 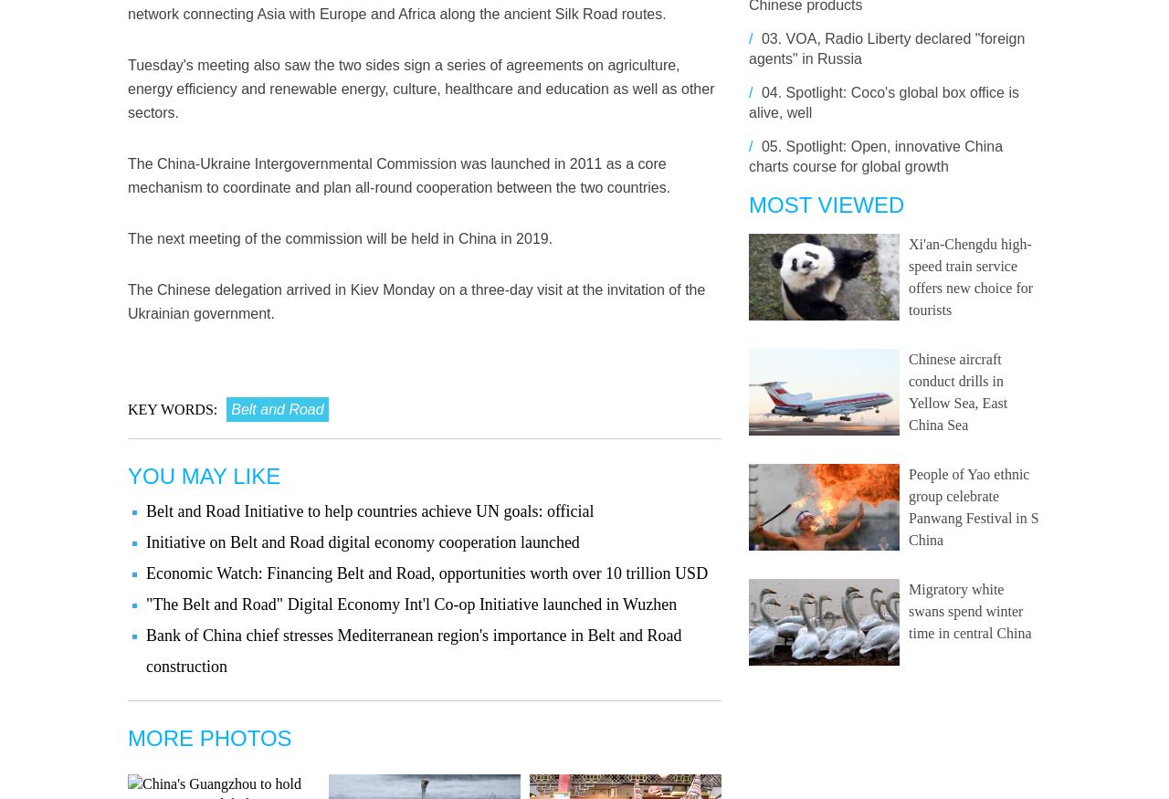 I want to click on '04.', so click(x=757, y=92).